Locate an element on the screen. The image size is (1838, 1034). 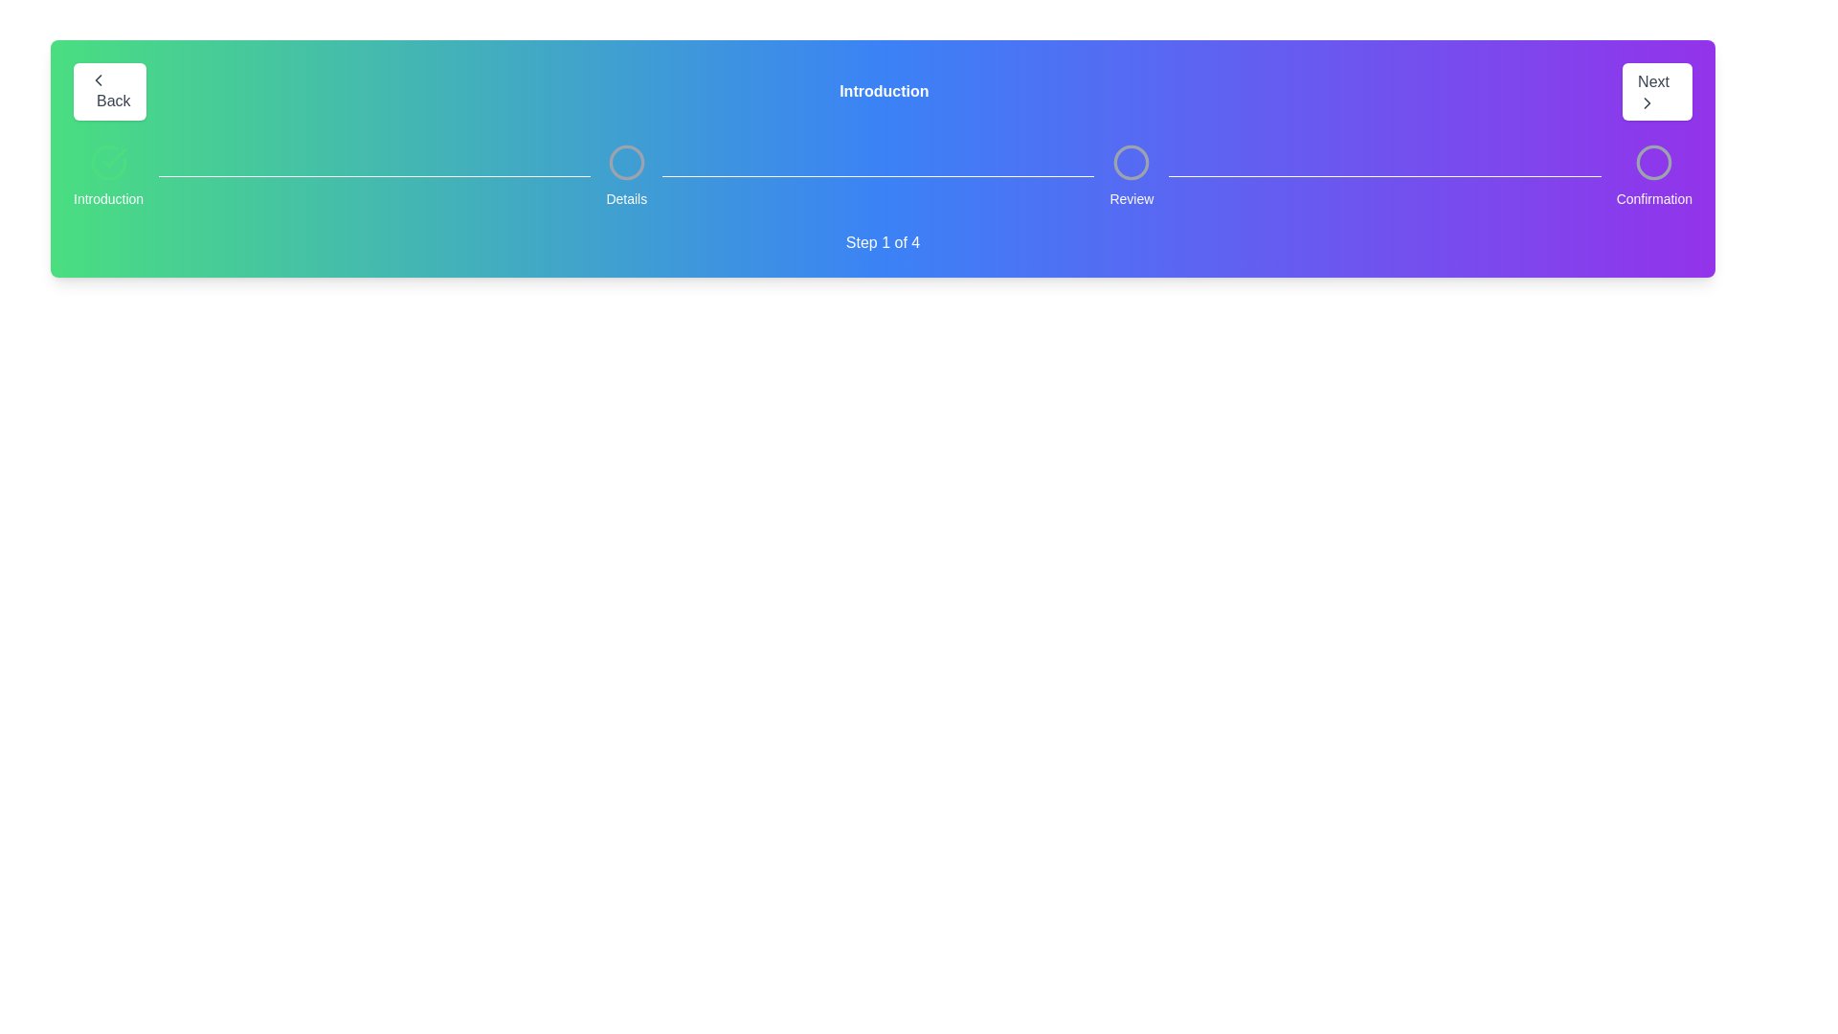
the chevron-shaped icon located to the left of the 'Back' text in the navigation bar is located at coordinates (97, 79).